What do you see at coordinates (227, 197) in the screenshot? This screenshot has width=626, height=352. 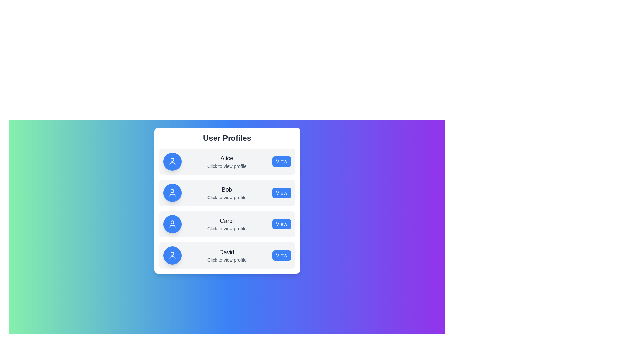 I see `the descriptive text element that says 'Click` at bounding box center [227, 197].